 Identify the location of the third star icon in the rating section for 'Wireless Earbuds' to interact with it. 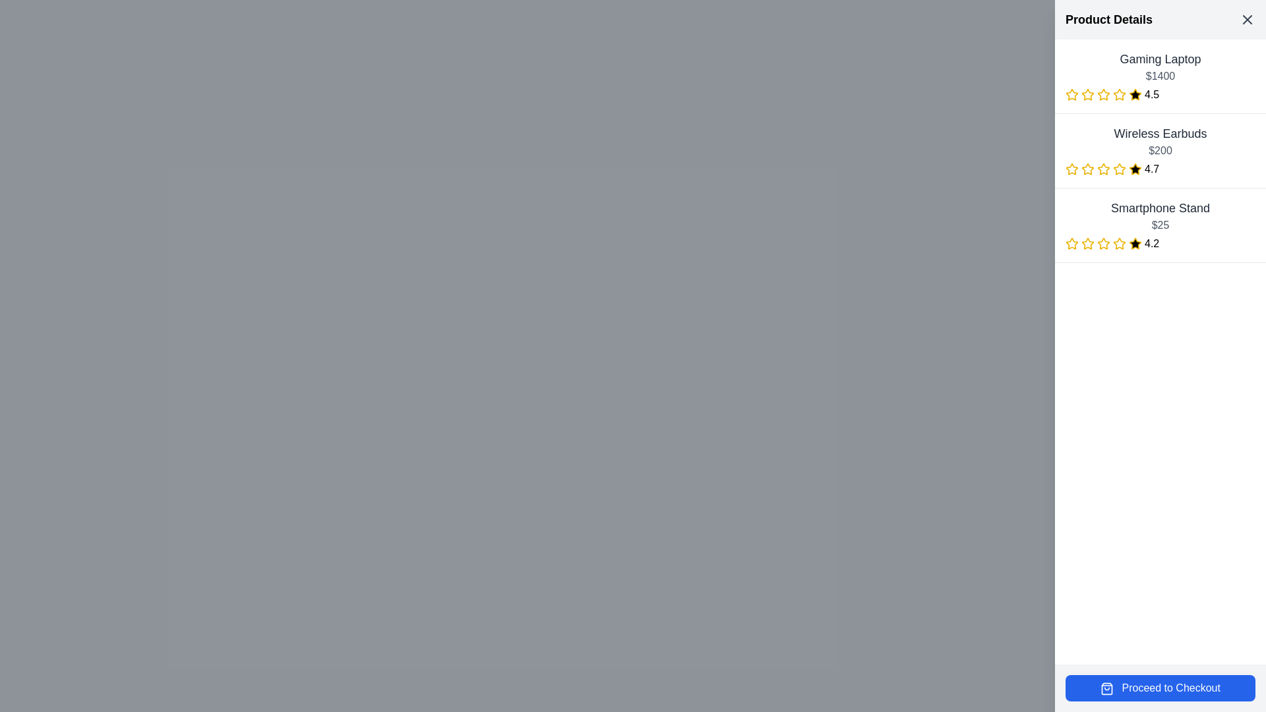
(1088, 169).